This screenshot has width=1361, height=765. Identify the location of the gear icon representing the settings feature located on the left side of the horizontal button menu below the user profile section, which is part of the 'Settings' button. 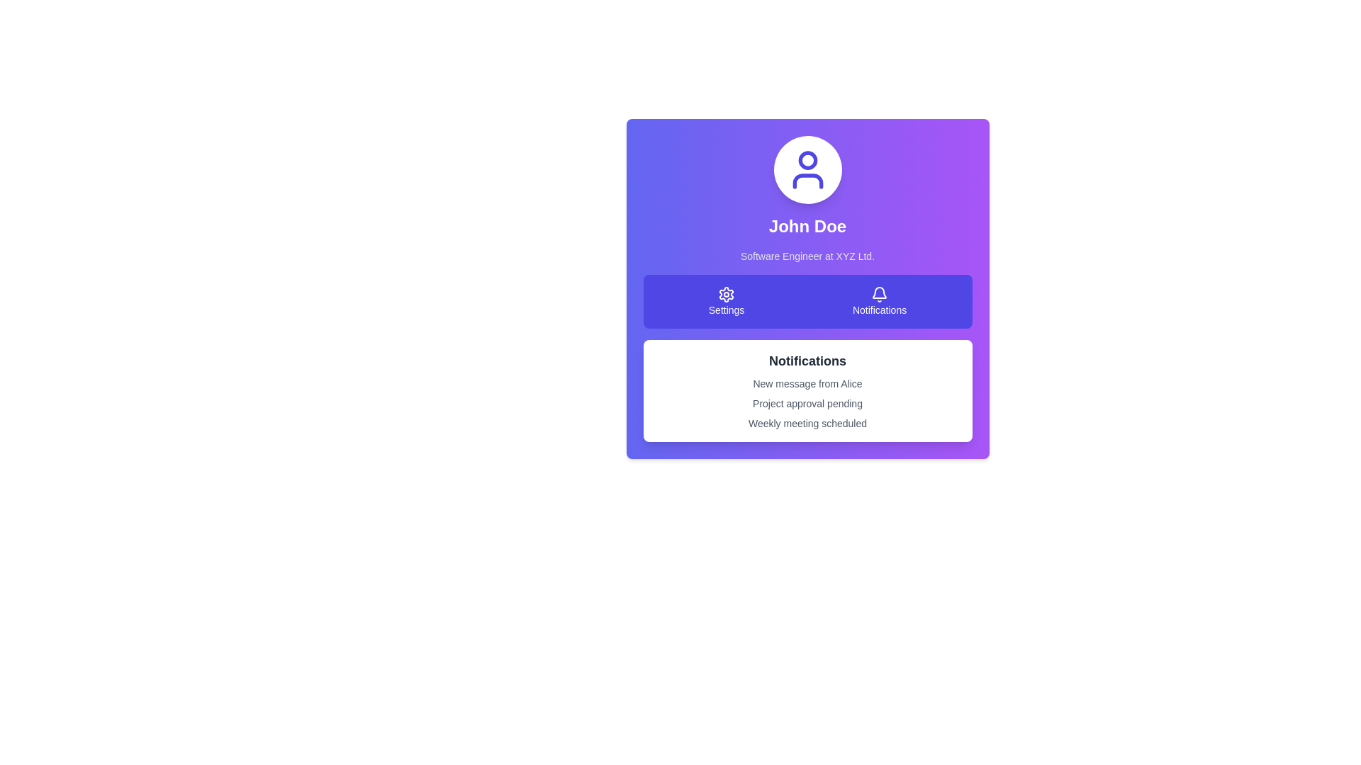
(727, 294).